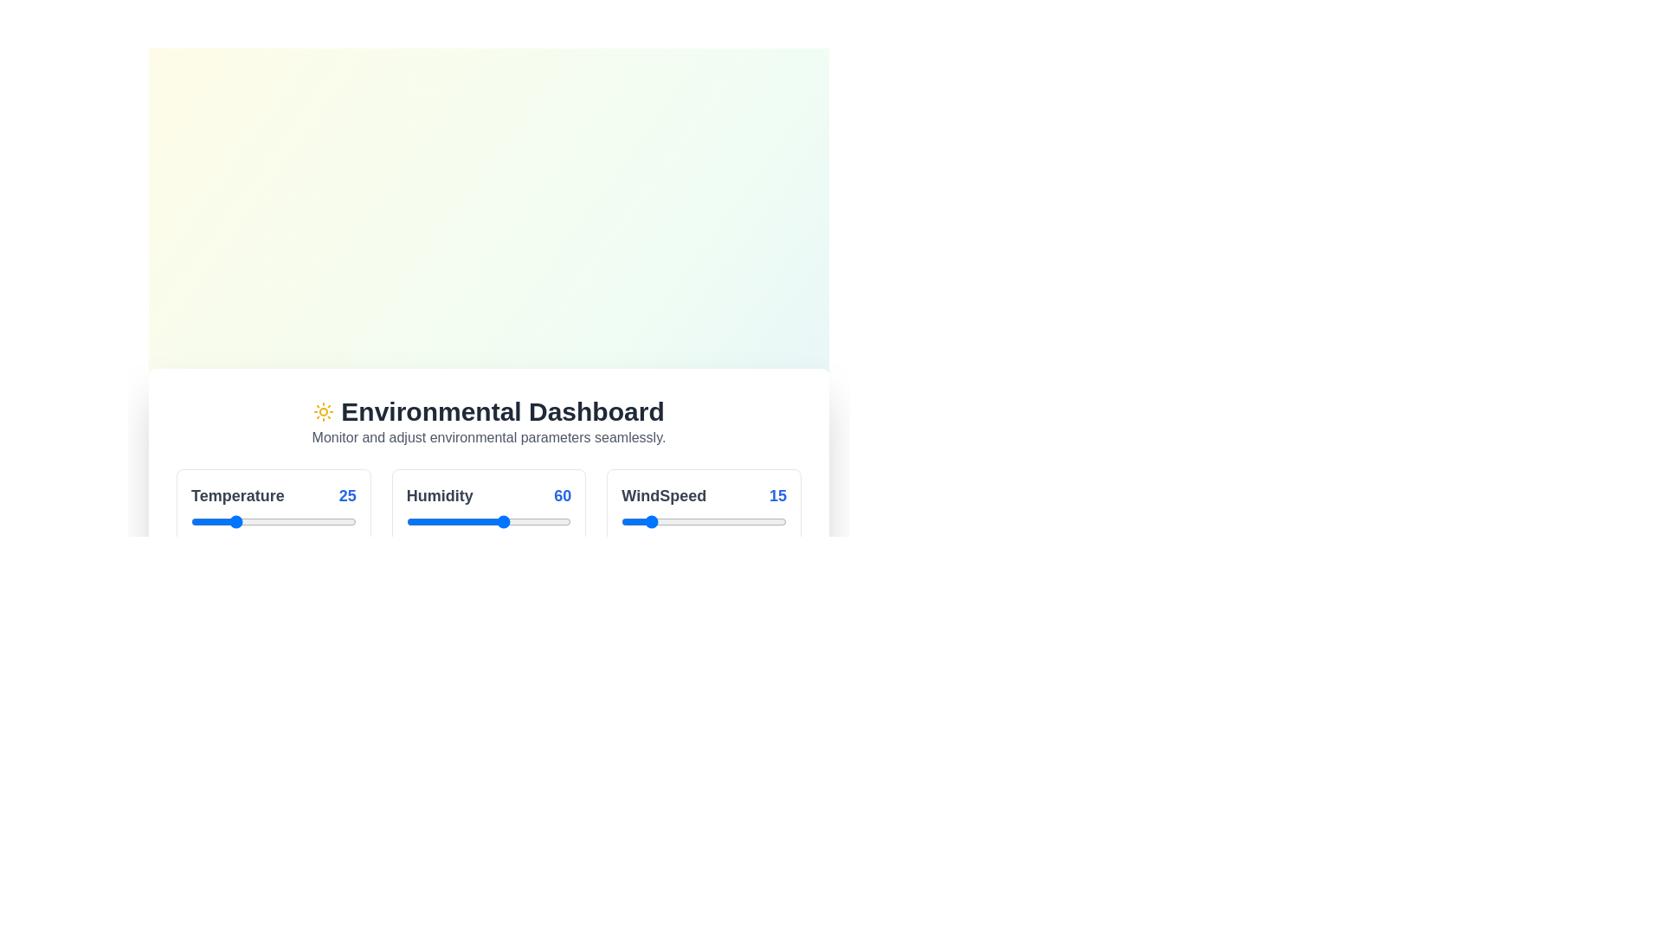 This screenshot has height=935, width=1662. Describe the element at coordinates (563, 495) in the screenshot. I see `the text label displaying the number '60' in blue color, which is positioned to the right of the 'Humidity' label within the environmental dashboard interface` at that location.